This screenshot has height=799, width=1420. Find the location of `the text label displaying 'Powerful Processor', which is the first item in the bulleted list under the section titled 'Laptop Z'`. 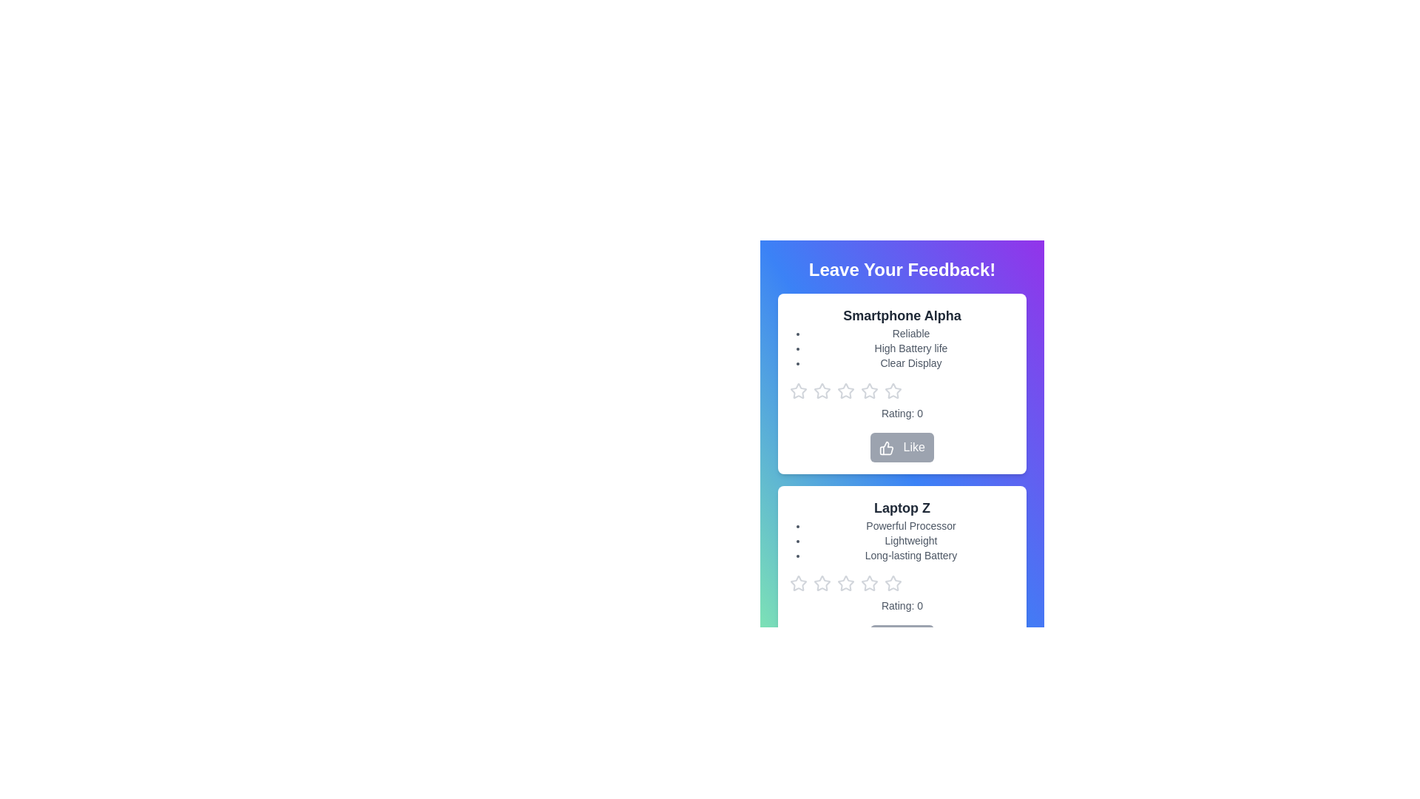

the text label displaying 'Powerful Processor', which is the first item in the bulleted list under the section titled 'Laptop Z' is located at coordinates (910, 525).